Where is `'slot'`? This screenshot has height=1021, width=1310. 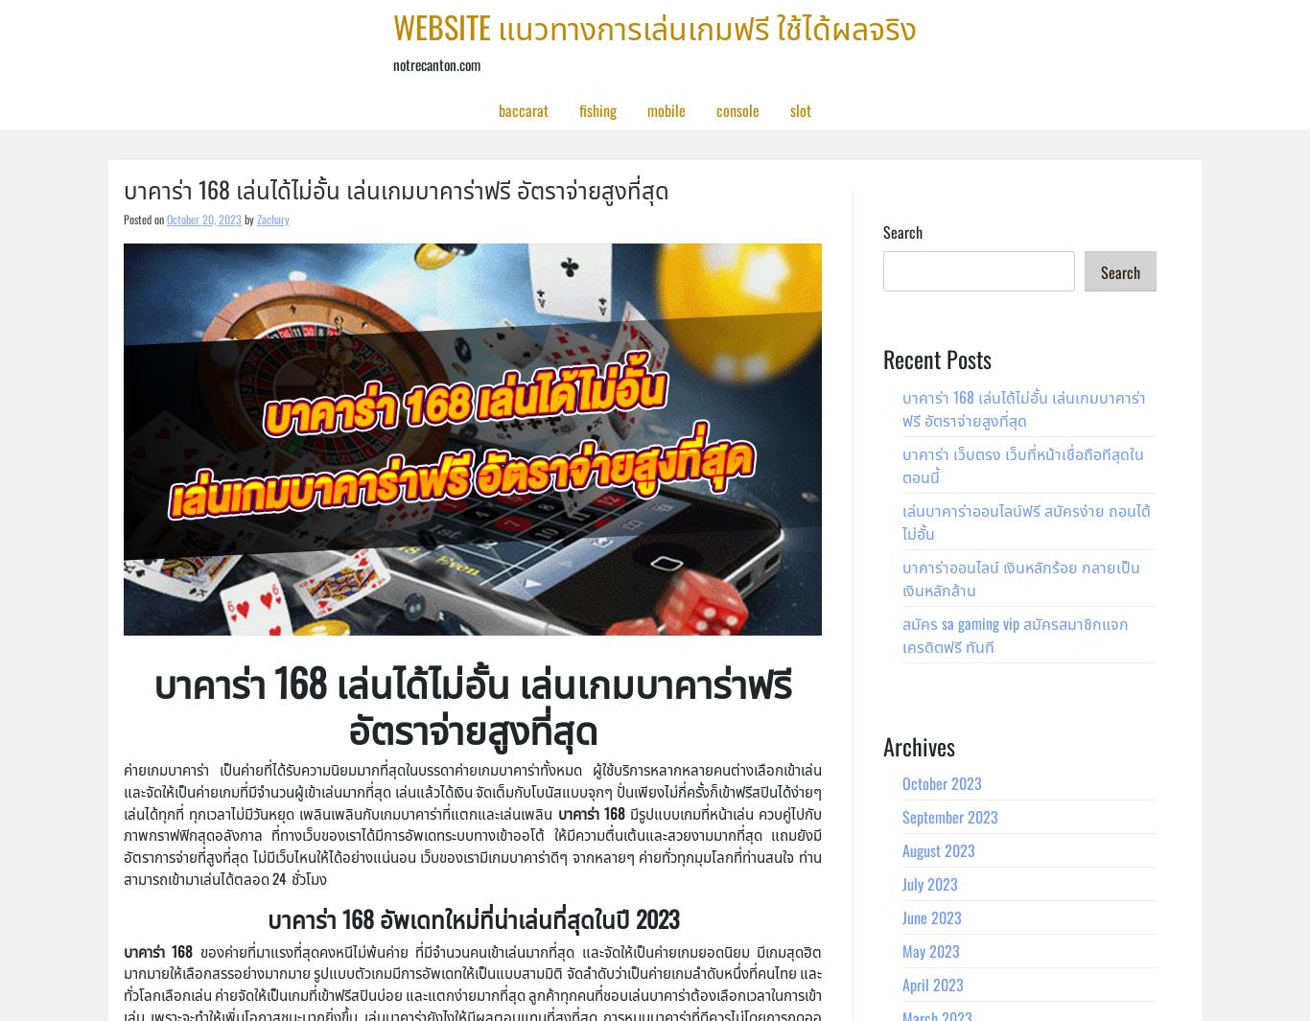 'slot' is located at coordinates (800, 107).